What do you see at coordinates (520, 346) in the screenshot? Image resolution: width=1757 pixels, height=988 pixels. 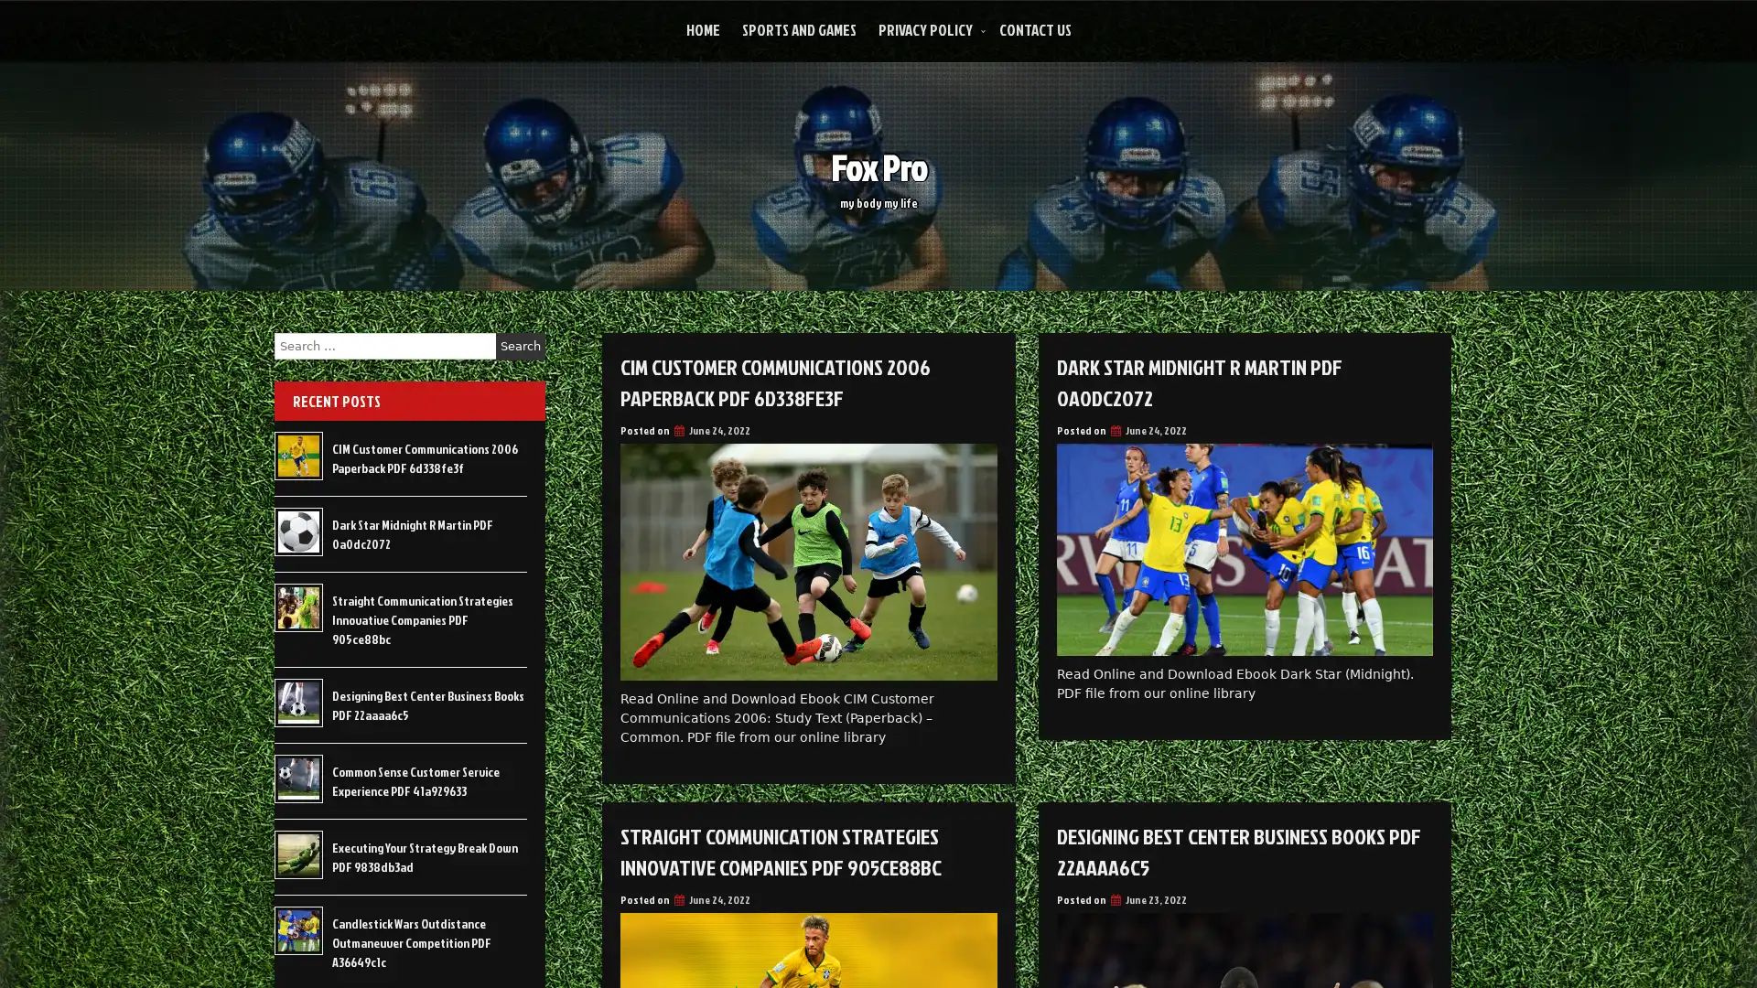 I see `Search` at bounding box center [520, 346].